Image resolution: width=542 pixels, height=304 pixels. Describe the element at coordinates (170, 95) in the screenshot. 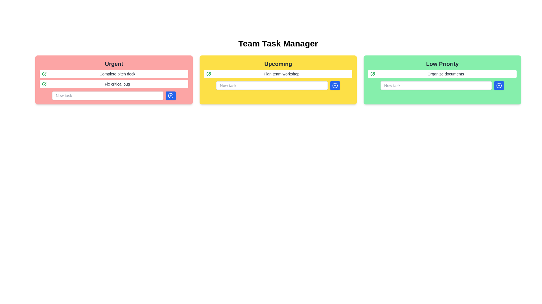

I see `the 'Add Task' button located in the 'Urgent' task management card, which is positioned to the right of the 'New task' text input field` at that location.